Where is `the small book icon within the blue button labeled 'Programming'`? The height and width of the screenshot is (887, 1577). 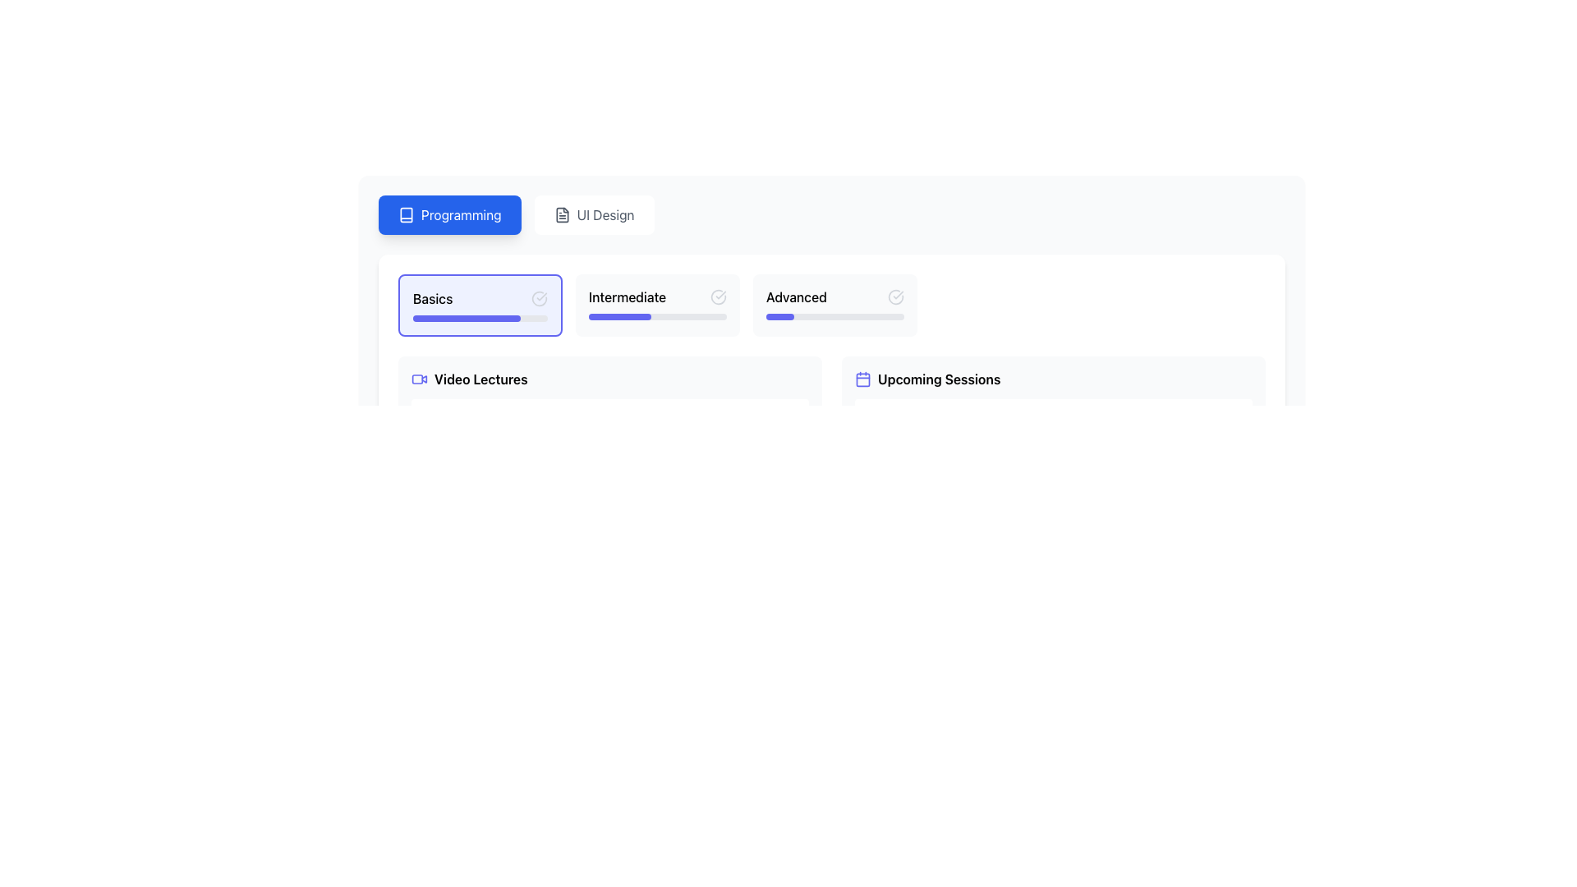 the small book icon within the blue button labeled 'Programming' is located at coordinates (406, 214).